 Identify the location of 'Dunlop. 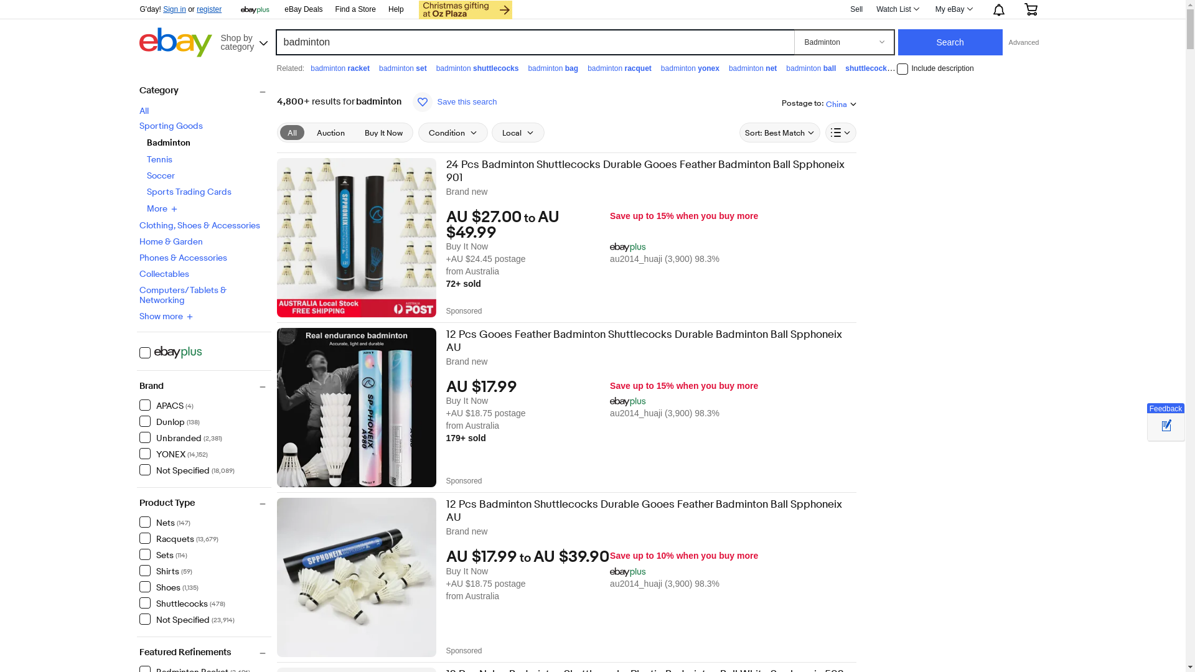
(169, 421).